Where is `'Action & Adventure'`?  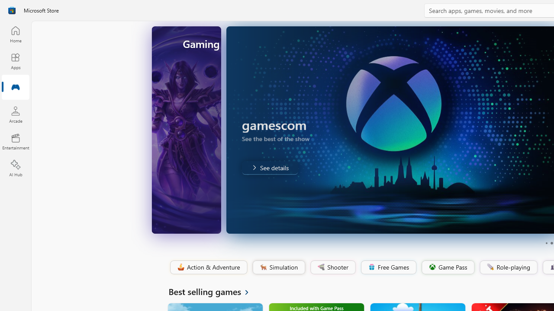
'Action & Adventure' is located at coordinates (208, 267).